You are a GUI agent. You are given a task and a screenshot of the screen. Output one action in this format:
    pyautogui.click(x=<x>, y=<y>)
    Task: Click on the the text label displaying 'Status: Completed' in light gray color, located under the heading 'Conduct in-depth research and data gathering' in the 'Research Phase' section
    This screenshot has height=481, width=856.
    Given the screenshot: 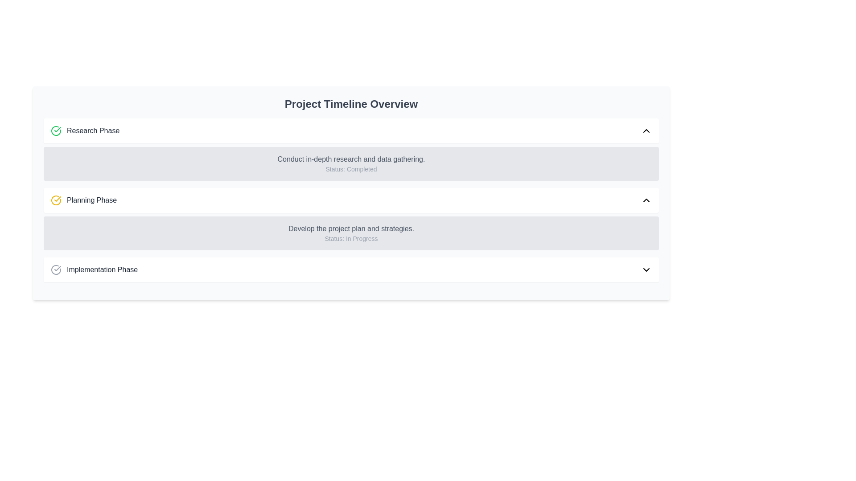 What is the action you would take?
    pyautogui.click(x=350, y=169)
    